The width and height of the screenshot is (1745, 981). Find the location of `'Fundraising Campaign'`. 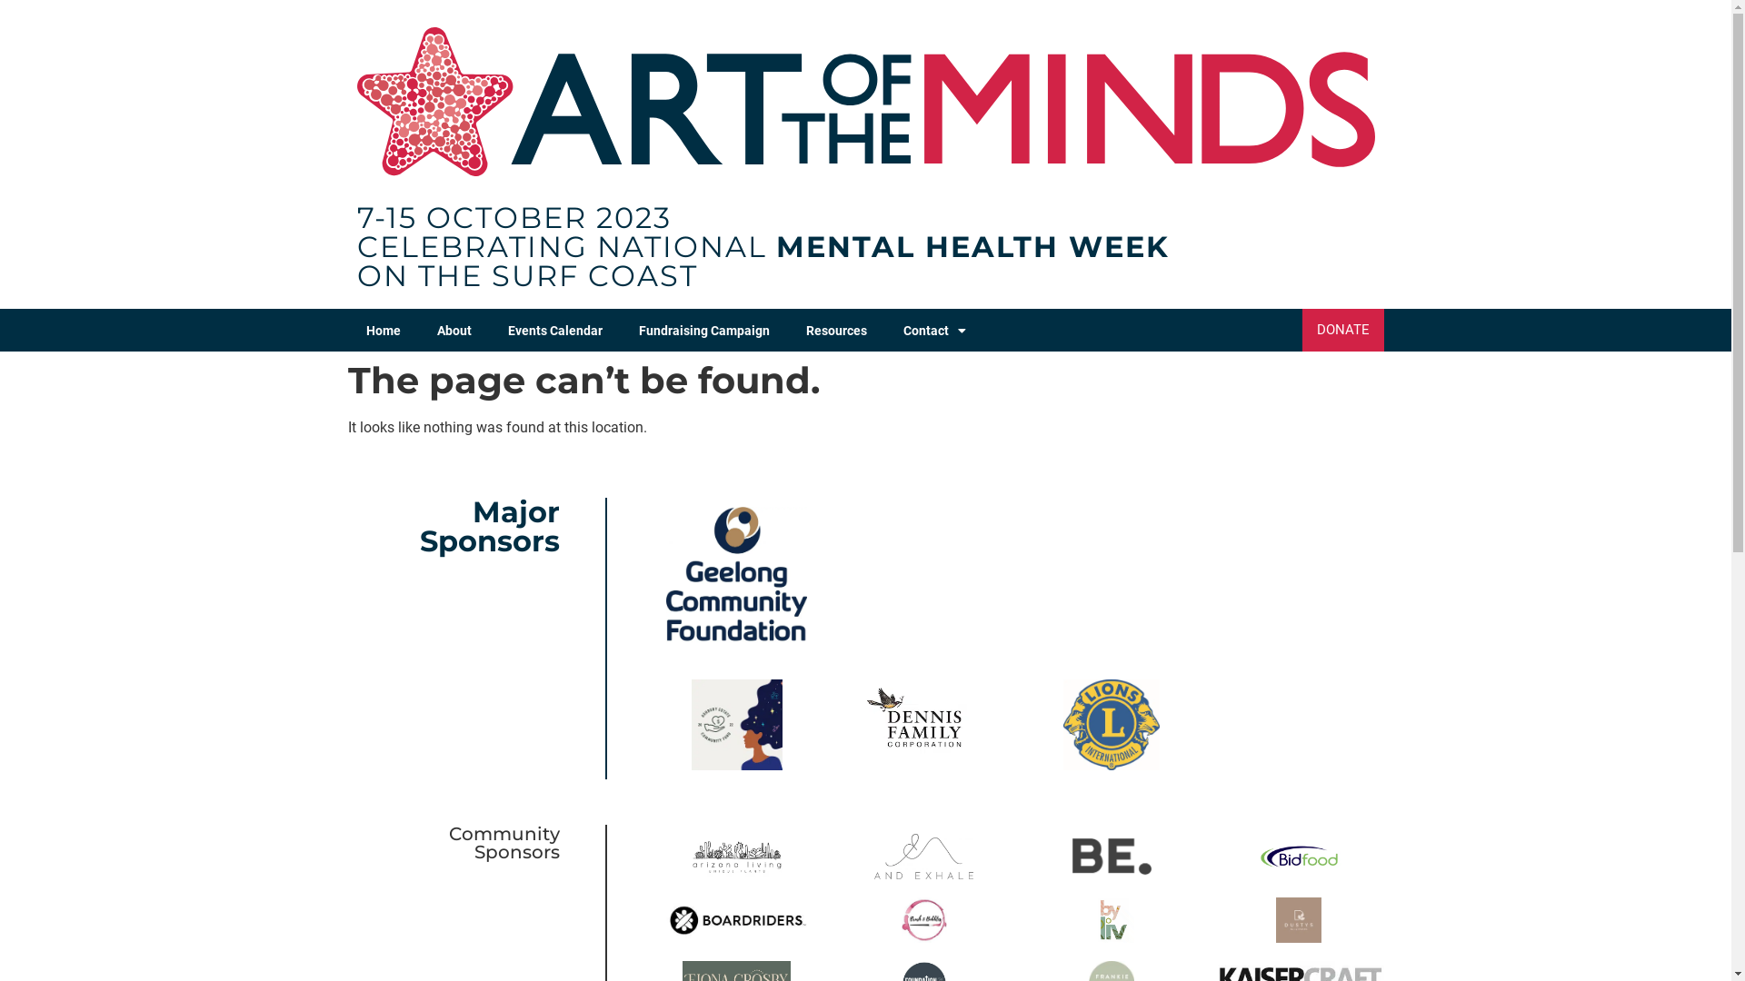

'Fundraising Campaign' is located at coordinates (702, 330).